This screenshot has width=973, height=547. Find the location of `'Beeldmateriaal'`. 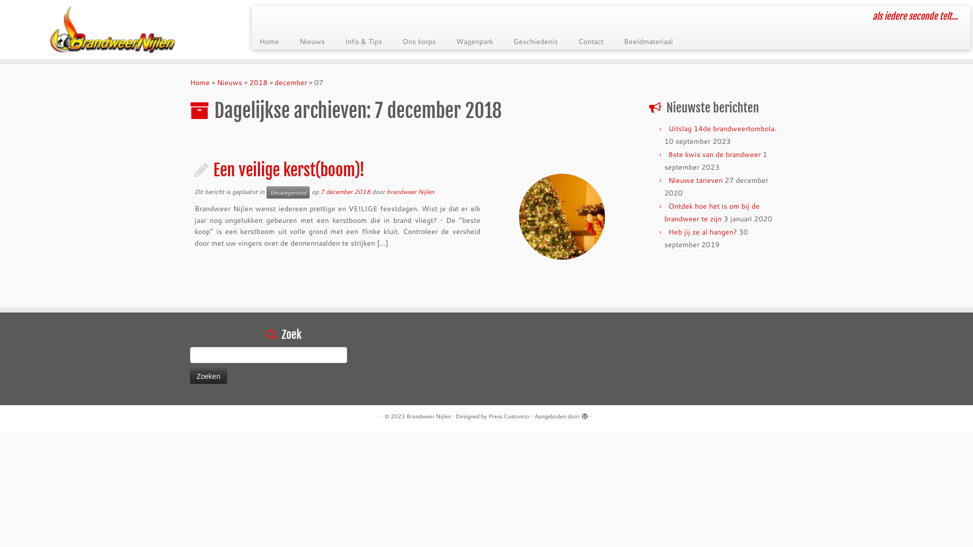

'Beeldmateriaal' is located at coordinates (643, 41).